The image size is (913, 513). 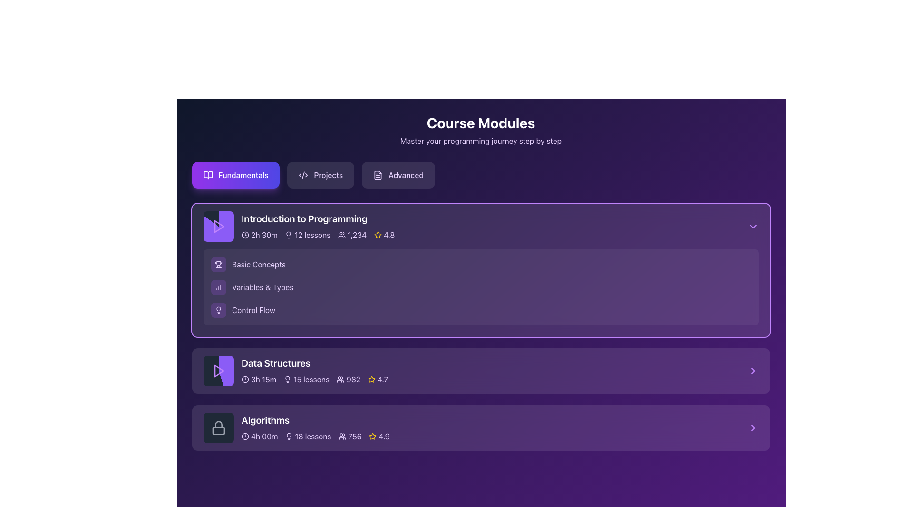 What do you see at coordinates (308, 436) in the screenshot?
I see `the lightbulb icon followed by the text '18 lessons' in the 'Algorithms' course card, which is the second item in the horizontal list of course information` at bounding box center [308, 436].